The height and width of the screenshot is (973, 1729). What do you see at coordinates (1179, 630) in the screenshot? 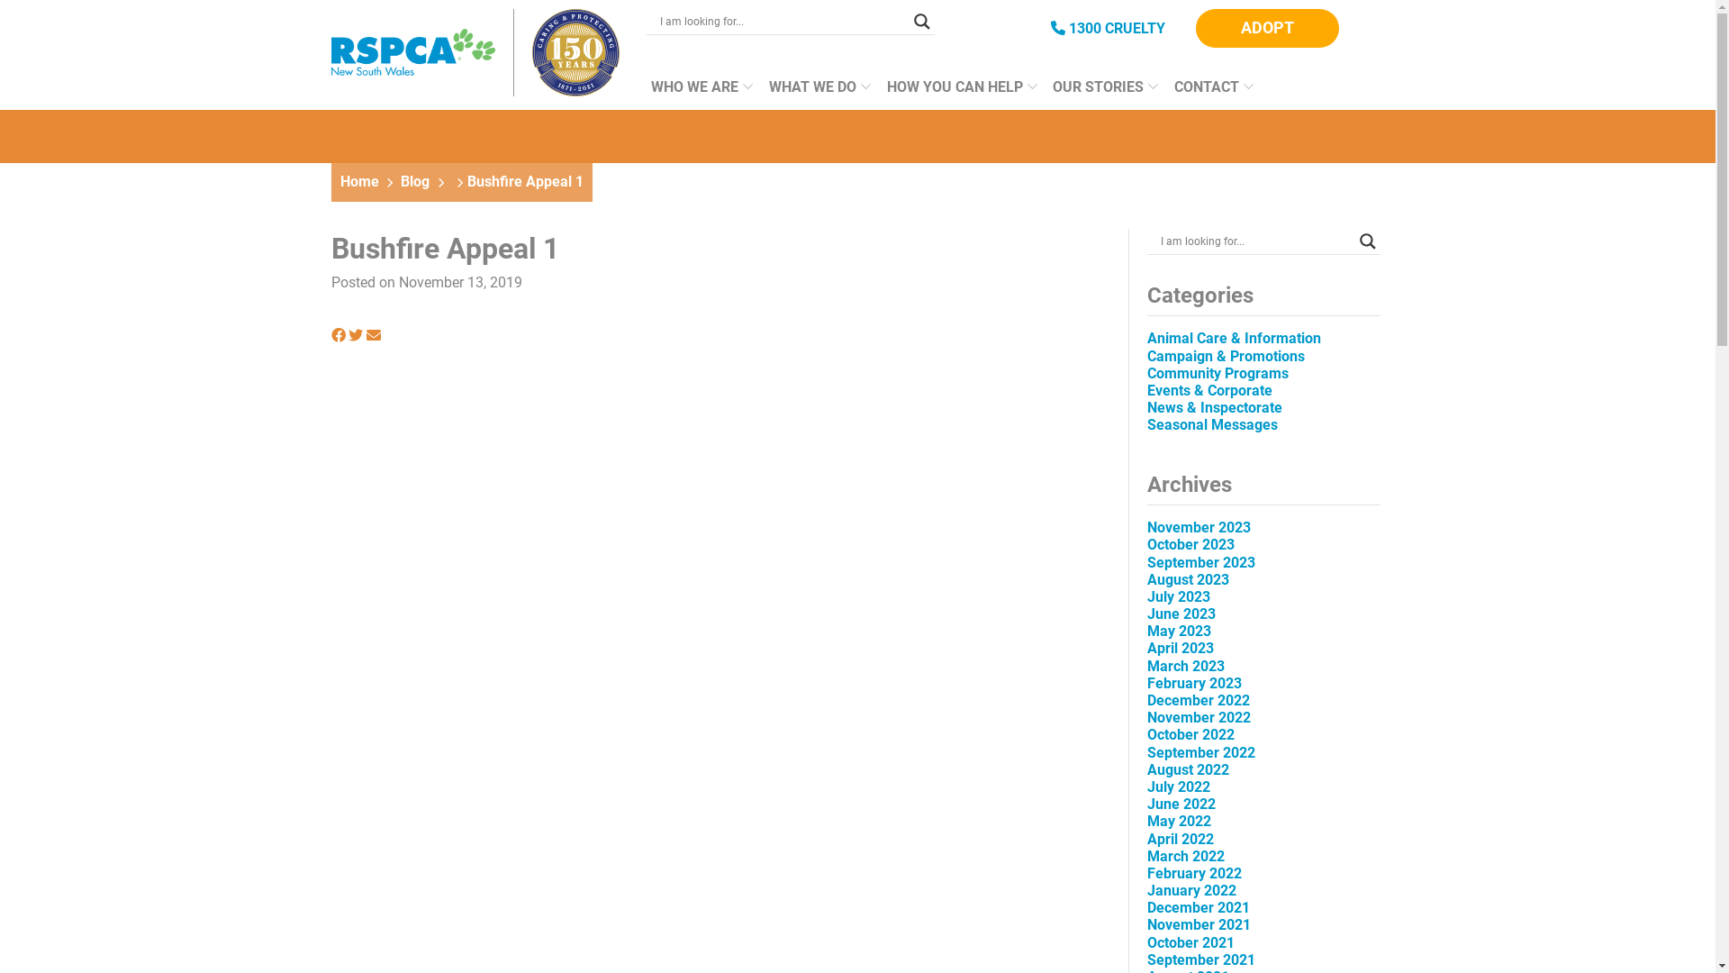
I see `'May 2023'` at bounding box center [1179, 630].